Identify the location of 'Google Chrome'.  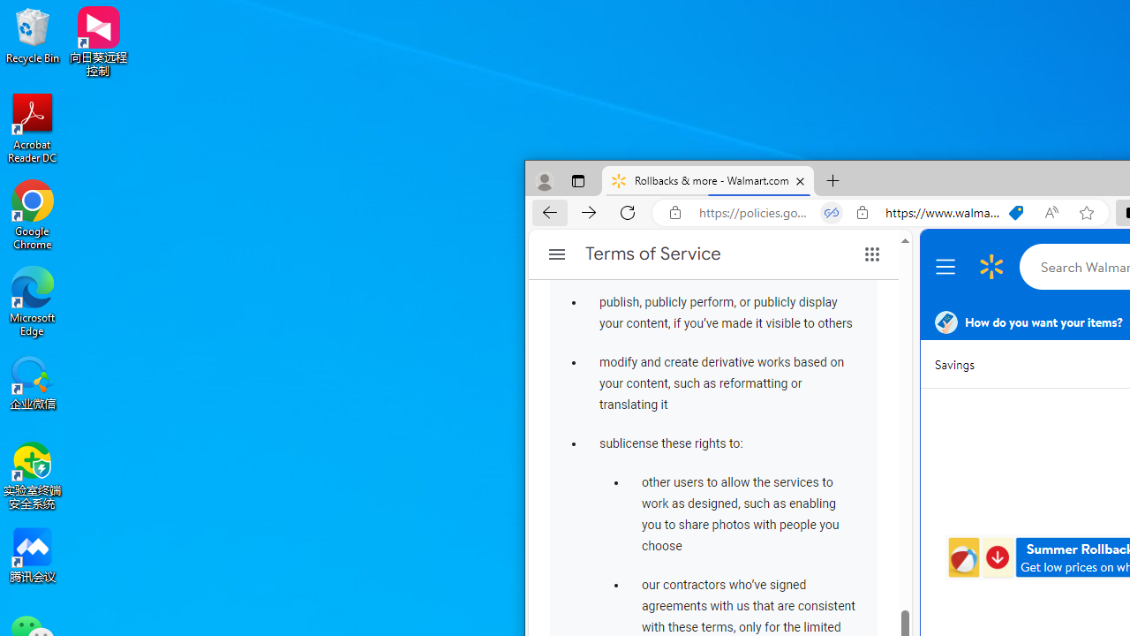
(33, 214).